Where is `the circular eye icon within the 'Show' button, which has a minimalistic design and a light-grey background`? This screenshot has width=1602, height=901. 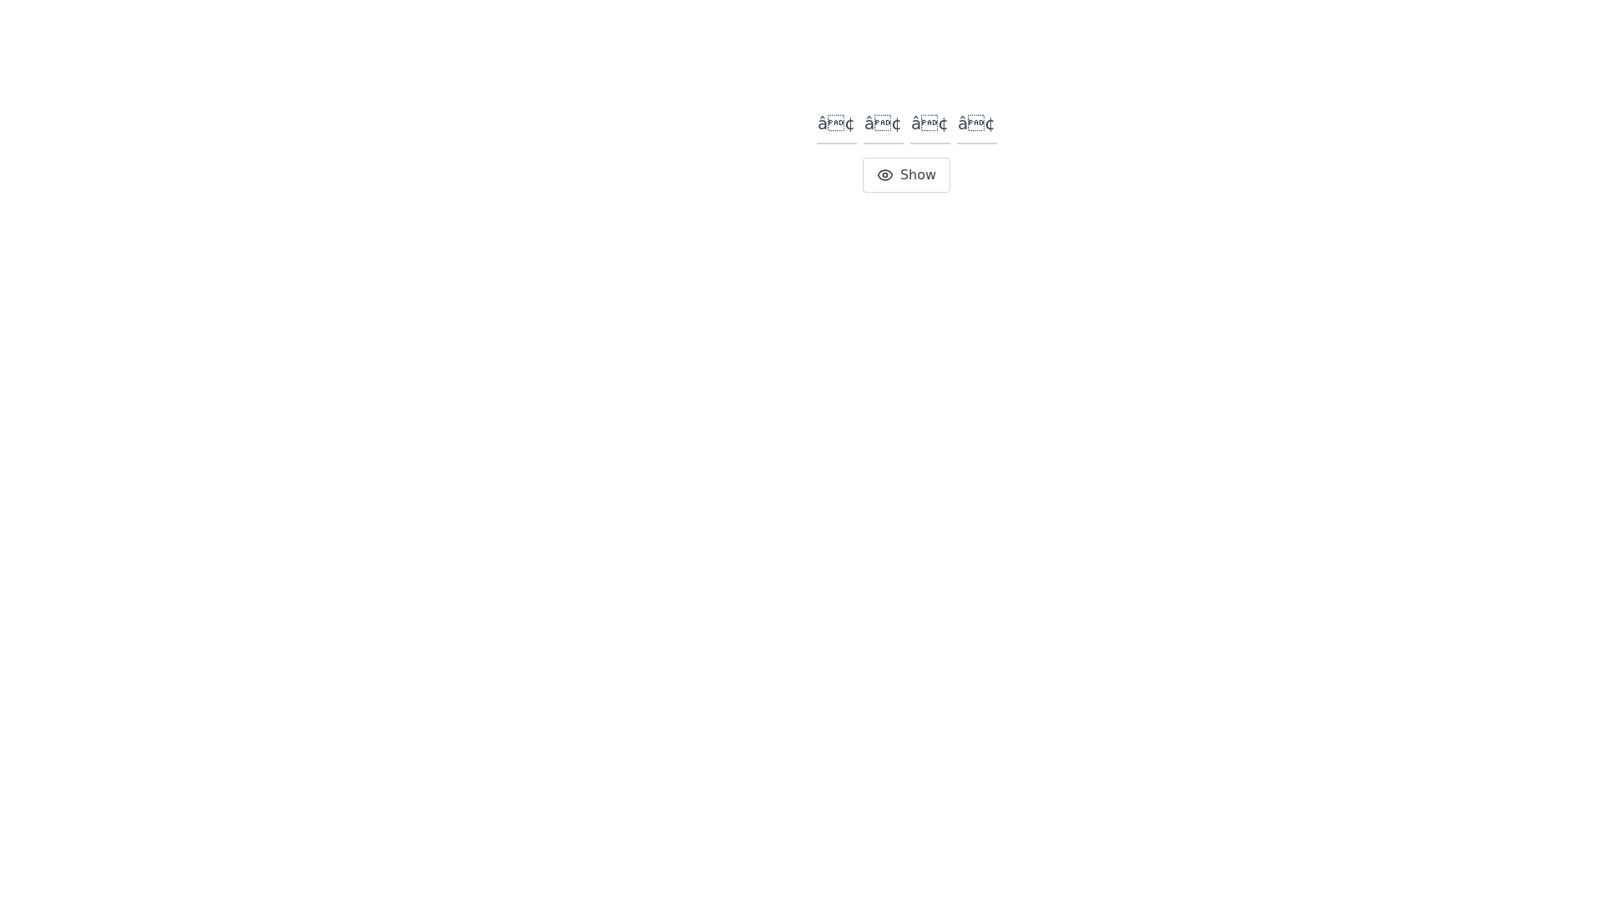
the circular eye icon within the 'Show' button, which has a minimalistic design and a light-grey background is located at coordinates (884, 174).